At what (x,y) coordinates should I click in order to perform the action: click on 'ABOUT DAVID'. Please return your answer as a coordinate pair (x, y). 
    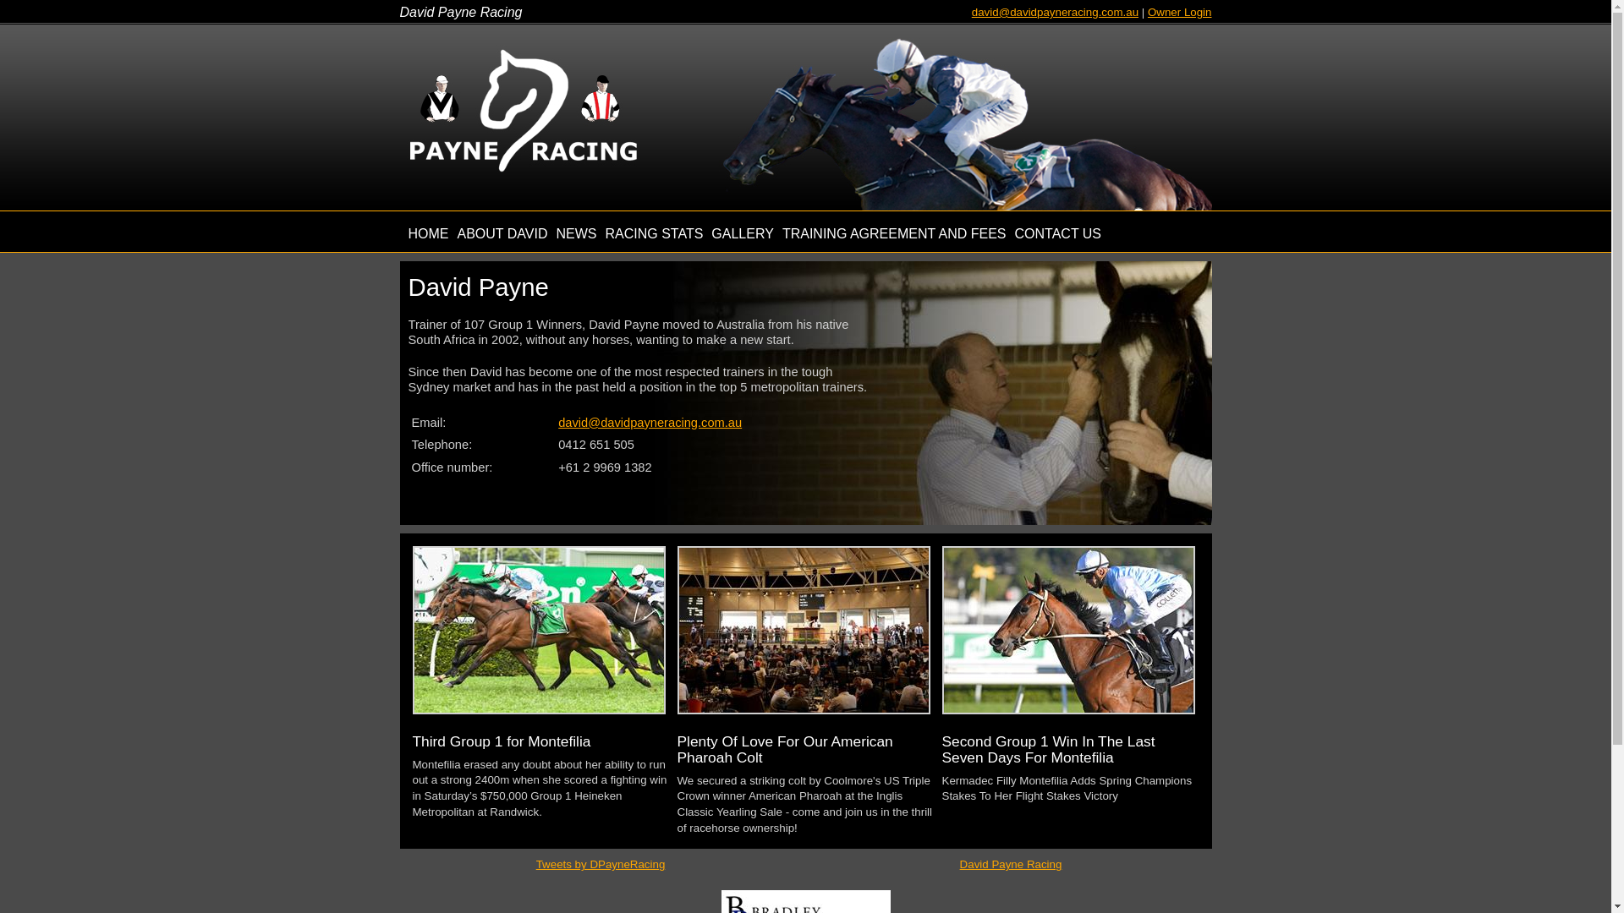
    Looking at the image, I should click on (456, 233).